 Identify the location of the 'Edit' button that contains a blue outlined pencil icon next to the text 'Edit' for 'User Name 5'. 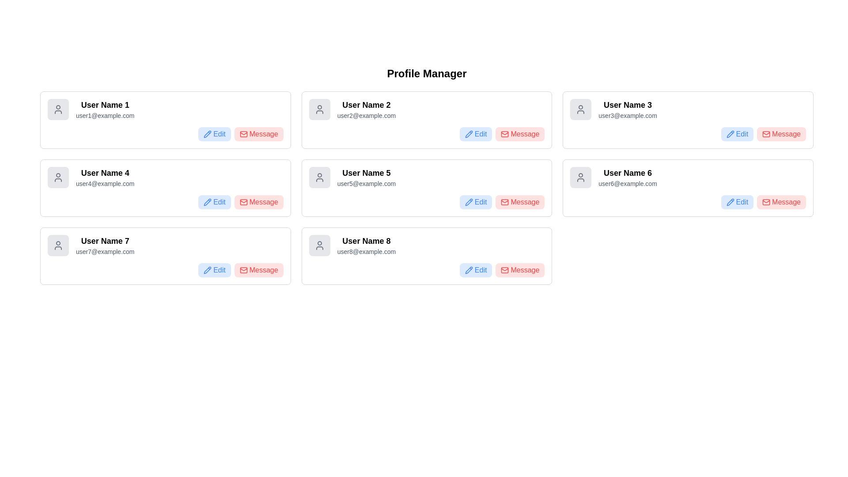
(468, 202).